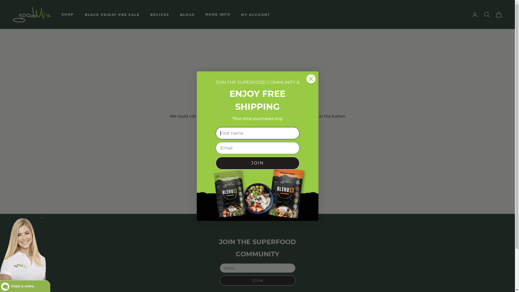  What do you see at coordinates (487, 14) in the screenshot?
I see `'Open search'` at bounding box center [487, 14].